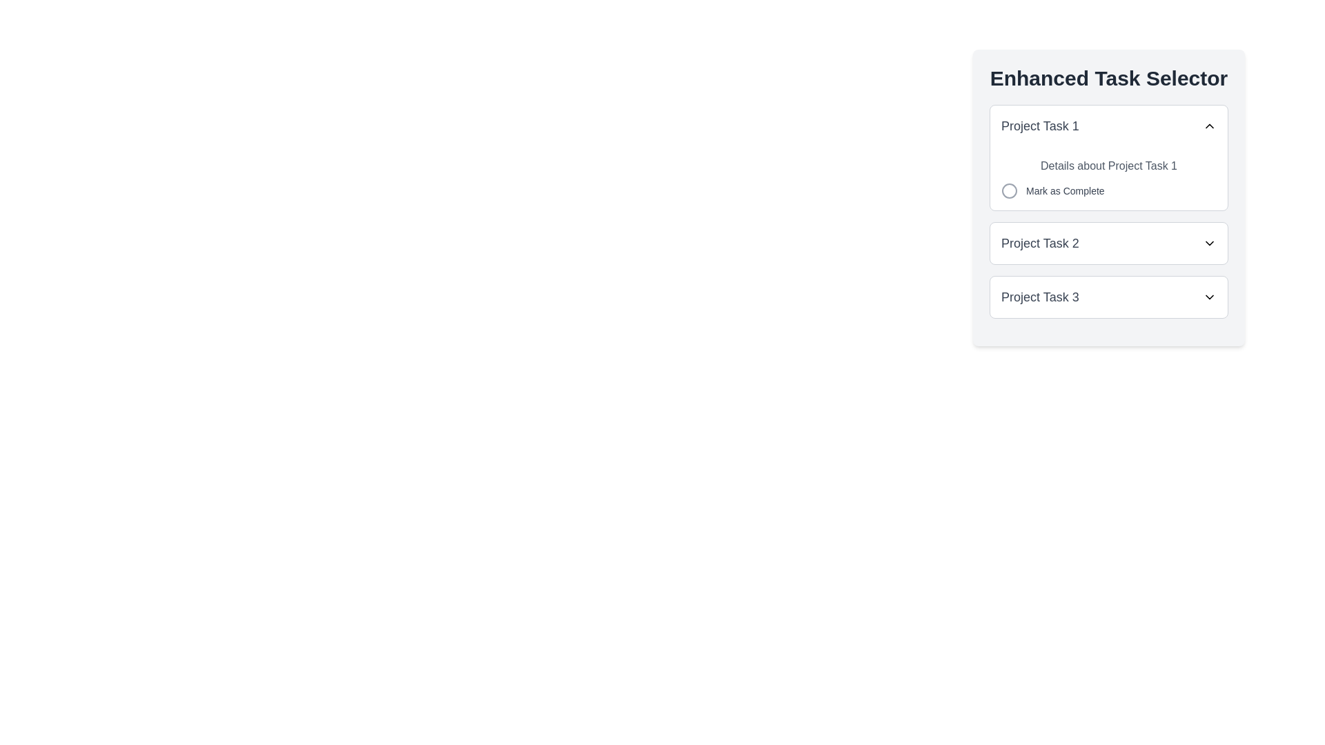 This screenshot has width=1325, height=745. Describe the element at coordinates (1052, 191) in the screenshot. I see `the interactive button-like element combining text and an icon within the 'Details about Project Task 1' panel to mark the related task as finished` at that location.